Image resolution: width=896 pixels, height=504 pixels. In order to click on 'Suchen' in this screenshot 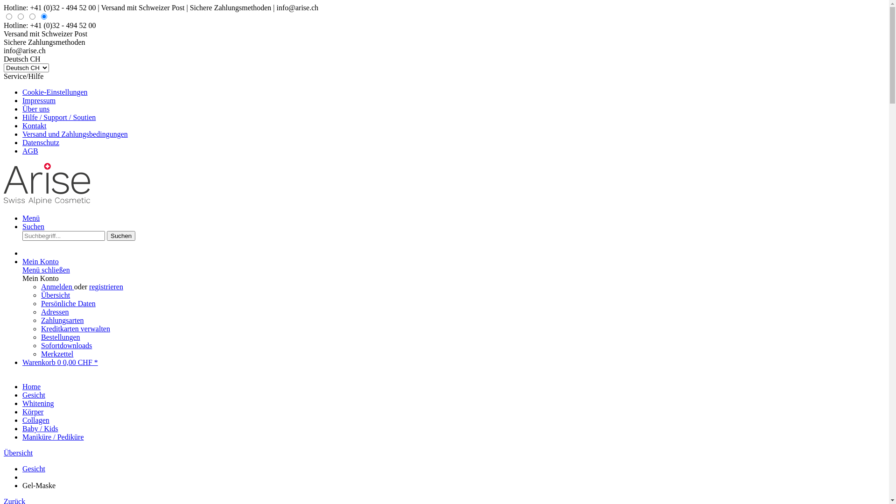, I will do `click(107, 235)`.